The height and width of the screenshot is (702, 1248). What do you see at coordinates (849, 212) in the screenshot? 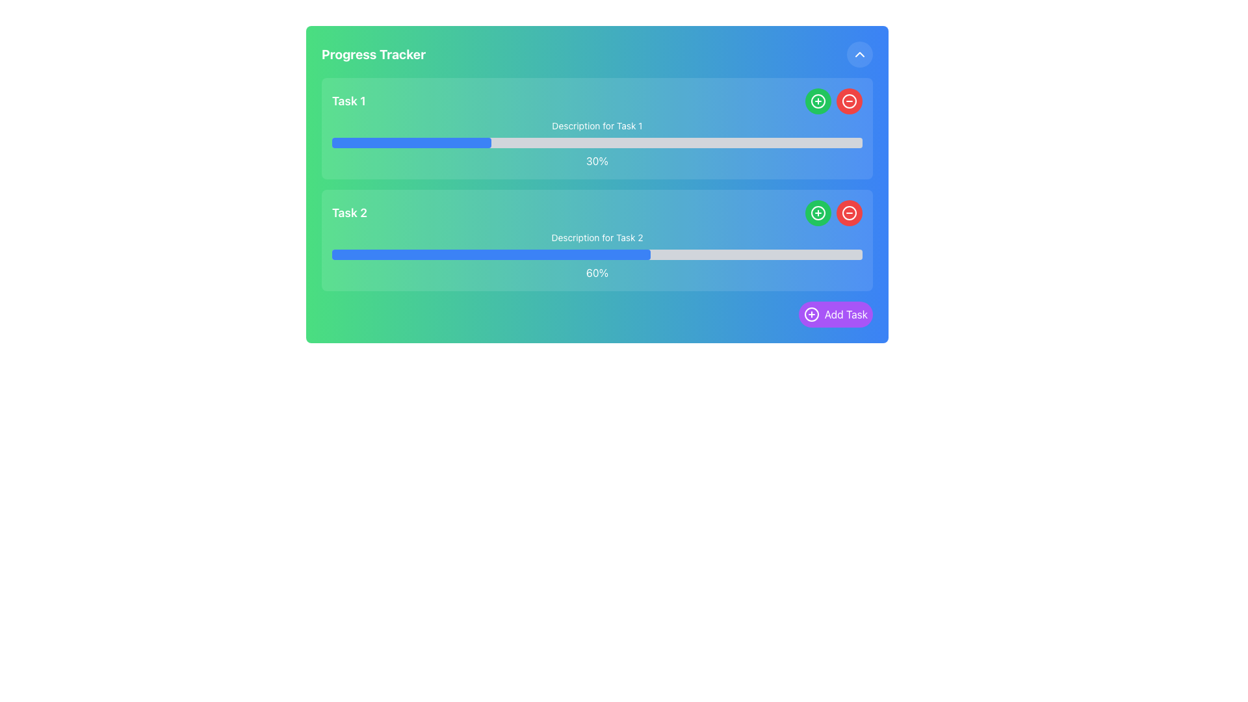
I see `the button that allows users to delete the associated task from the task list` at bounding box center [849, 212].